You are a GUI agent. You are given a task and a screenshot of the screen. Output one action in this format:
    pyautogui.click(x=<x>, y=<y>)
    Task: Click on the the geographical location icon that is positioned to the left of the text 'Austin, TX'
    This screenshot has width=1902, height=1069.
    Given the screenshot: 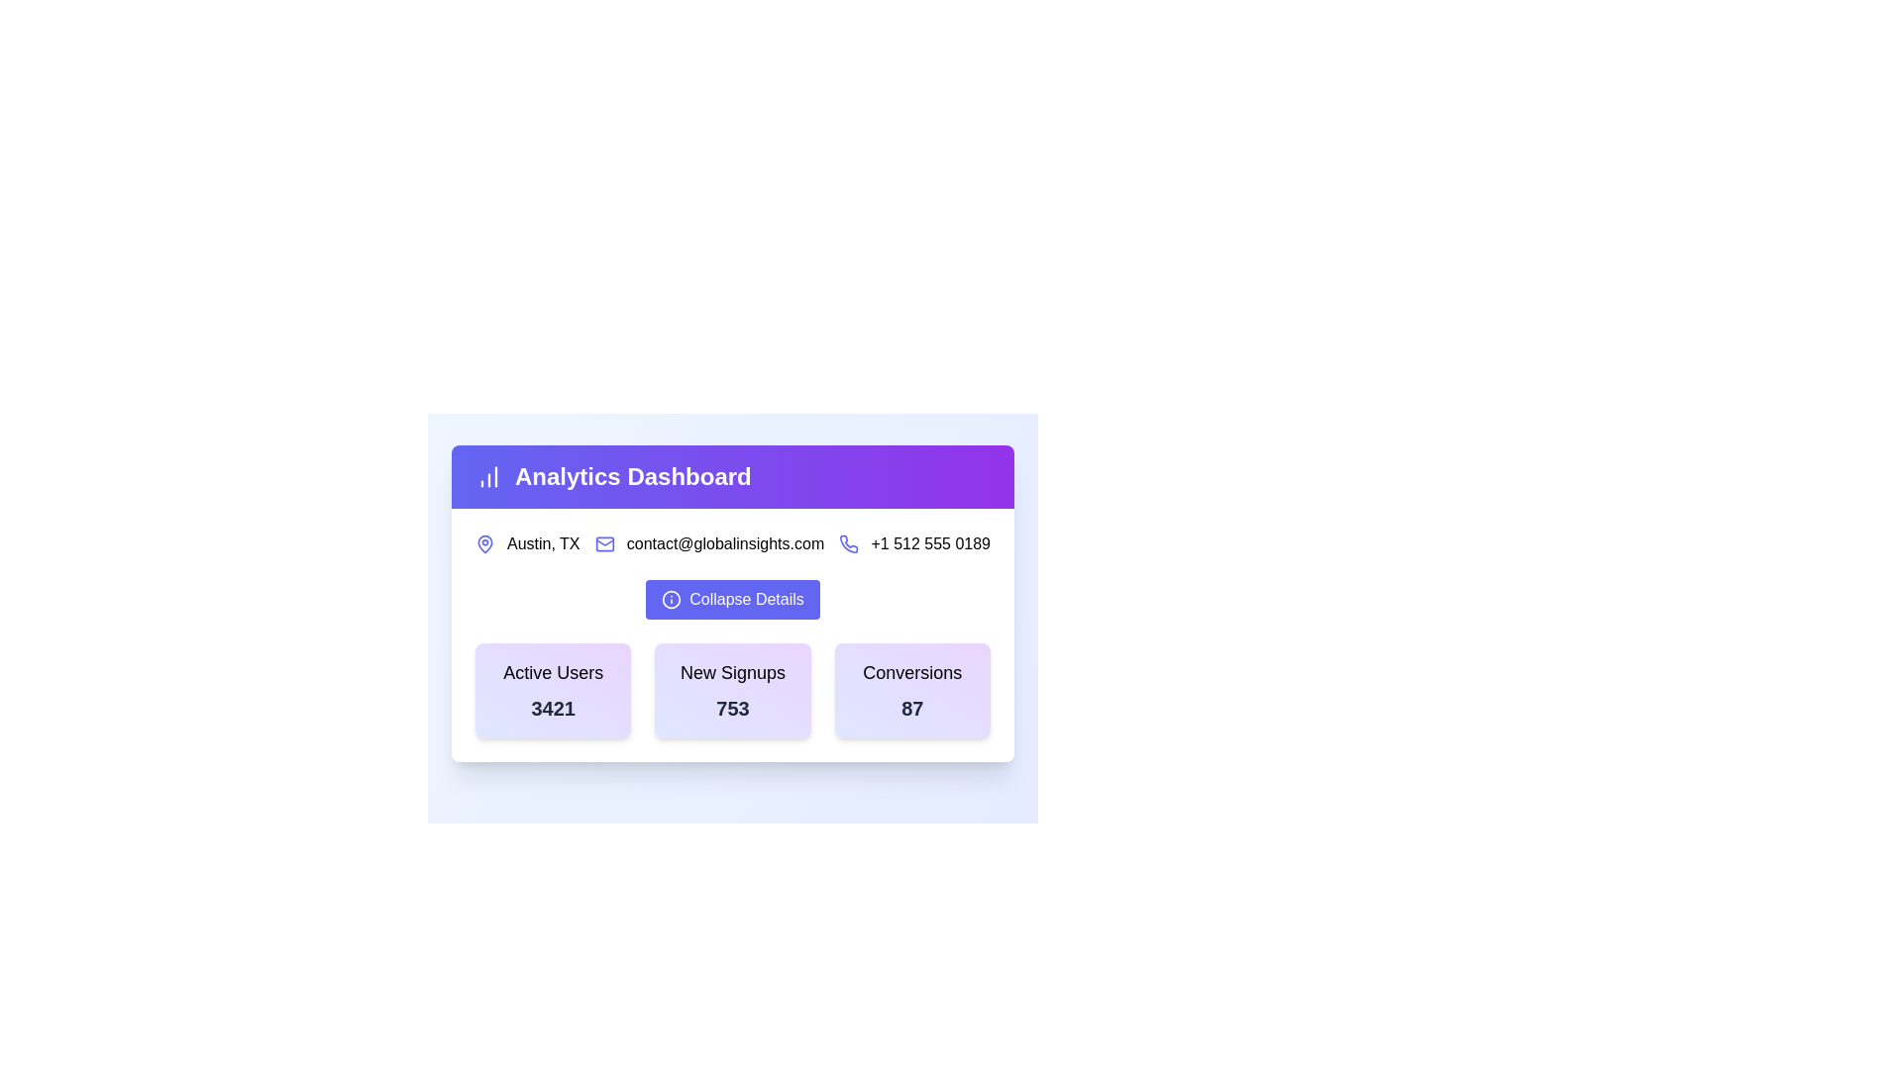 What is the action you would take?
    pyautogui.click(x=484, y=544)
    